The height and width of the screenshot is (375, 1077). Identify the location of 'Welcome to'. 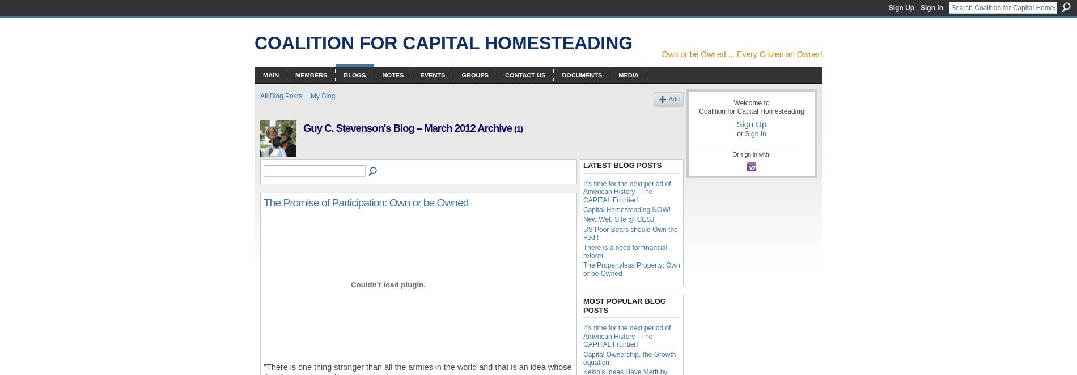
(733, 102).